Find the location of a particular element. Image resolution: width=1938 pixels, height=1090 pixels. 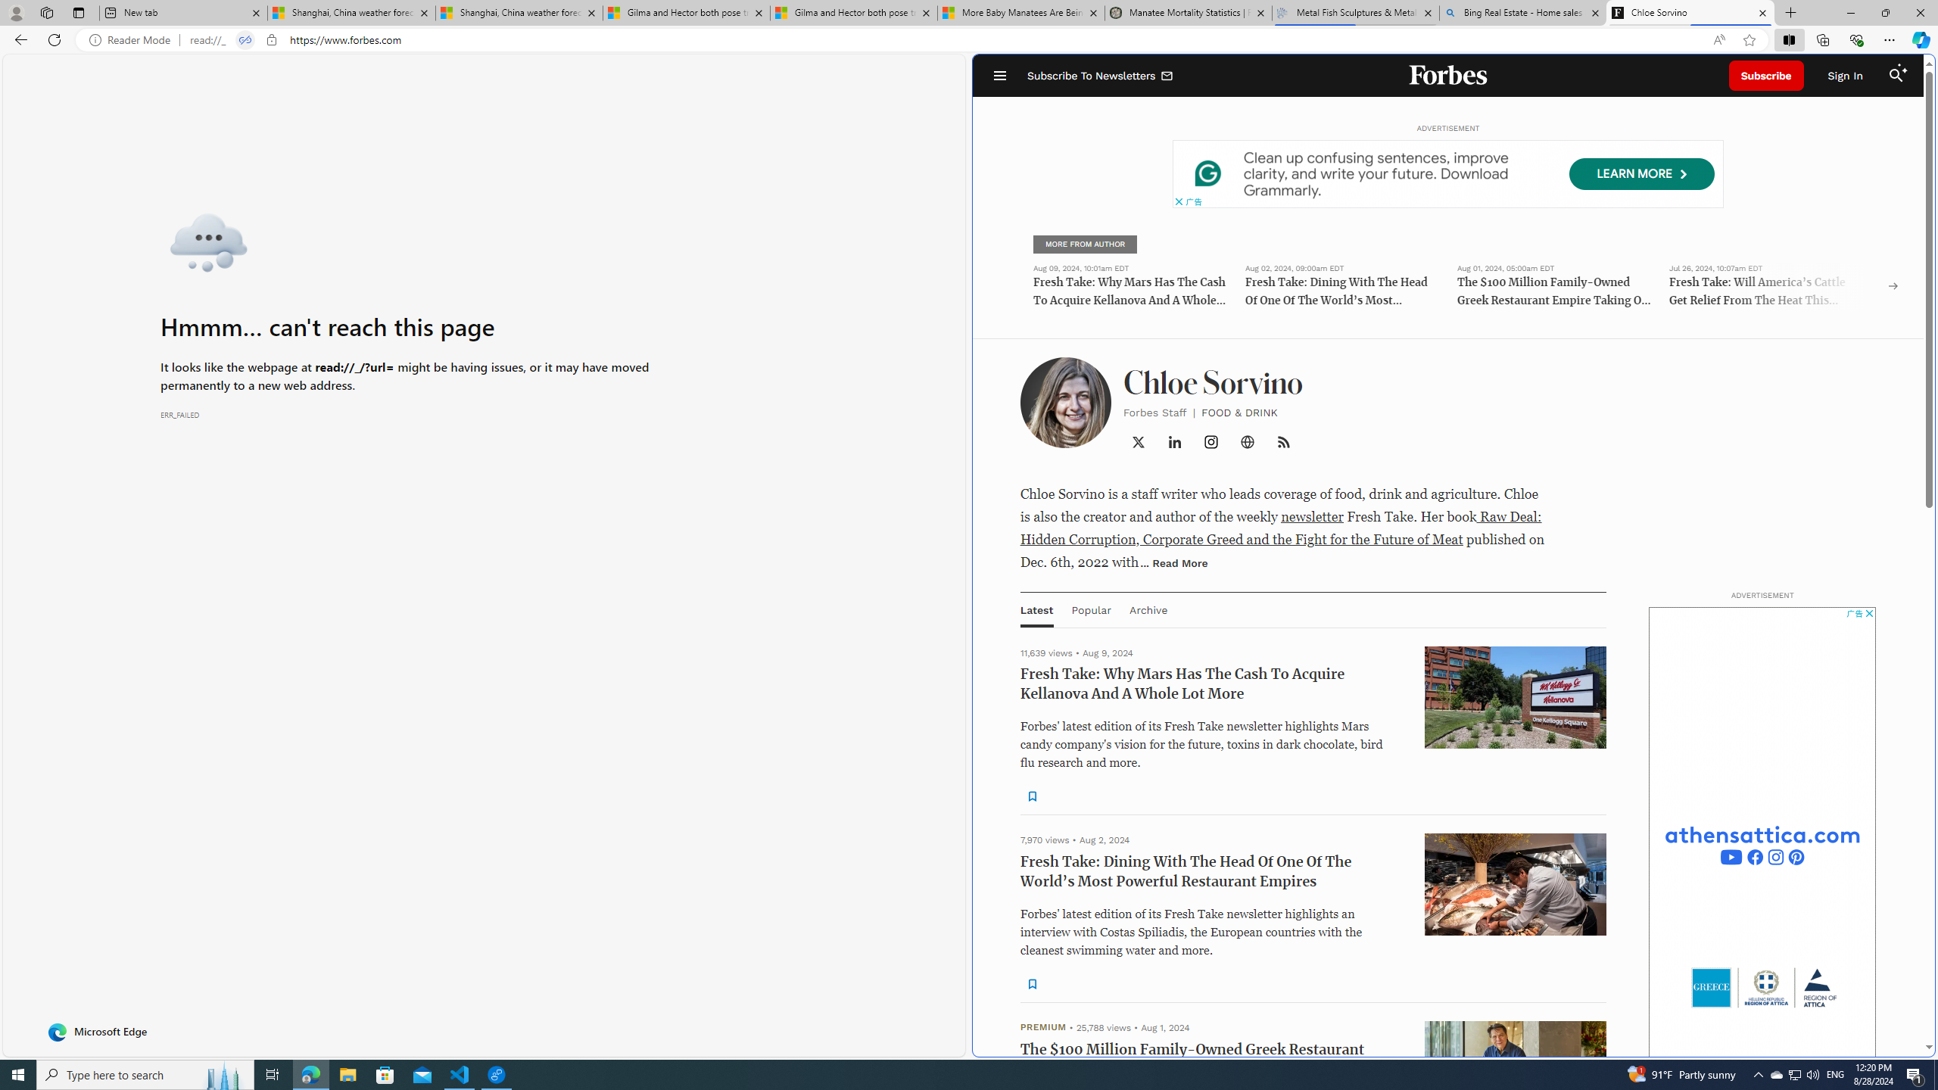

'newsletter' is located at coordinates (1311, 515).